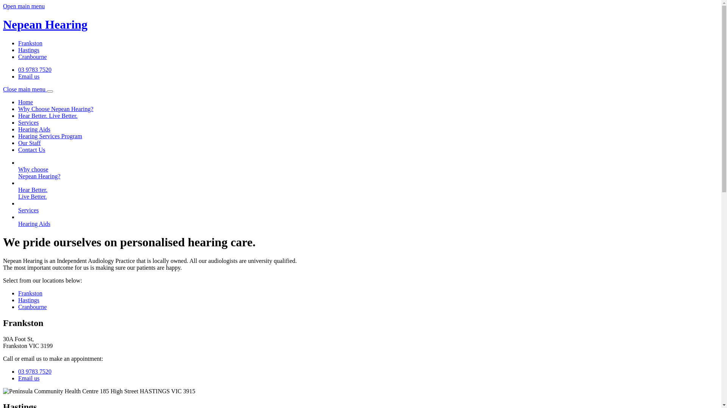 The height and width of the screenshot is (408, 727). What do you see at coordinates (23, 6) in the screenshot?
I see `'Open main menu'` at bounding box center [23, 6].